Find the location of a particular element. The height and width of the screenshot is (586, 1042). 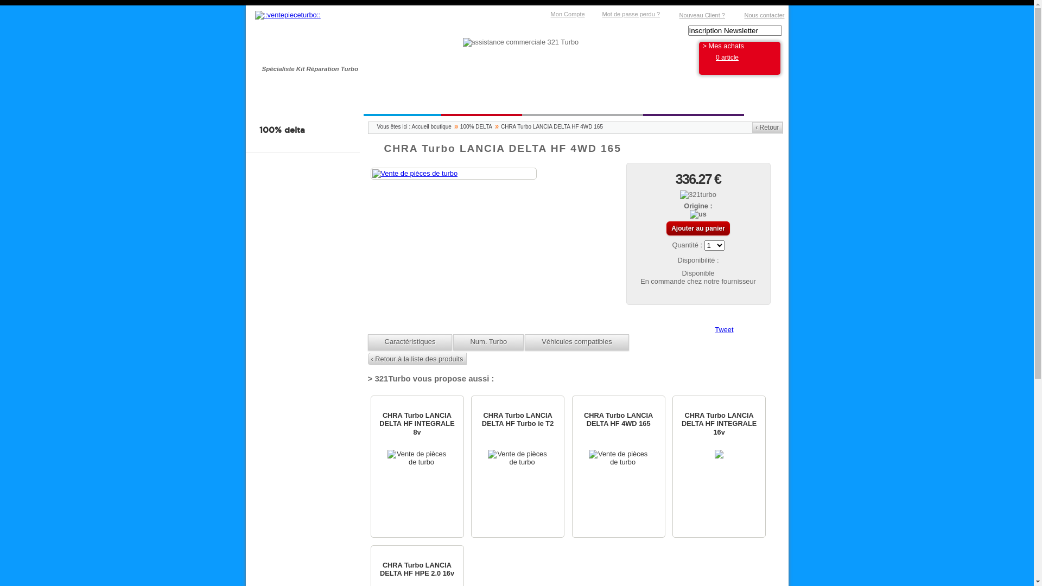

'100% DELTA' is located at coordinates (479, 126).